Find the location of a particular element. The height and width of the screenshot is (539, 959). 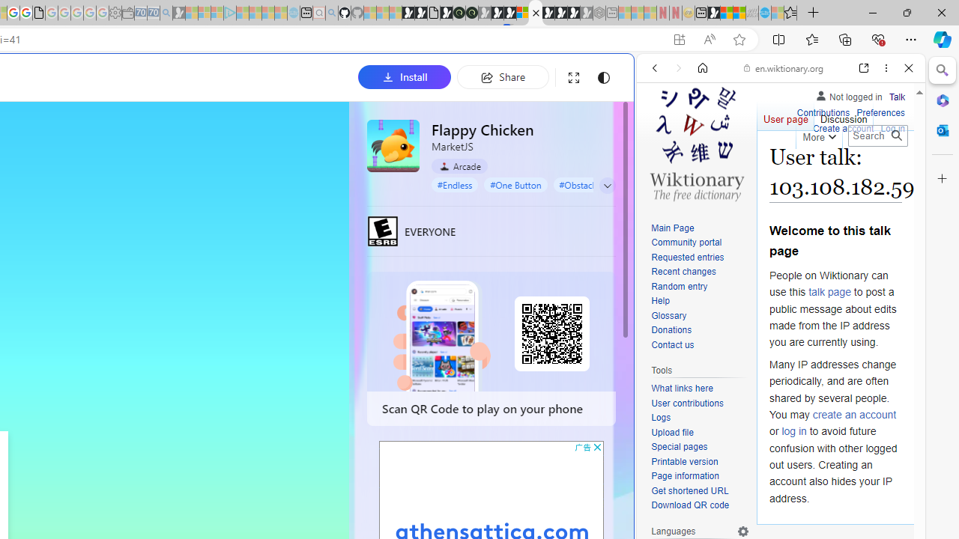

'Arcade' is located at coordinates (459, 166).